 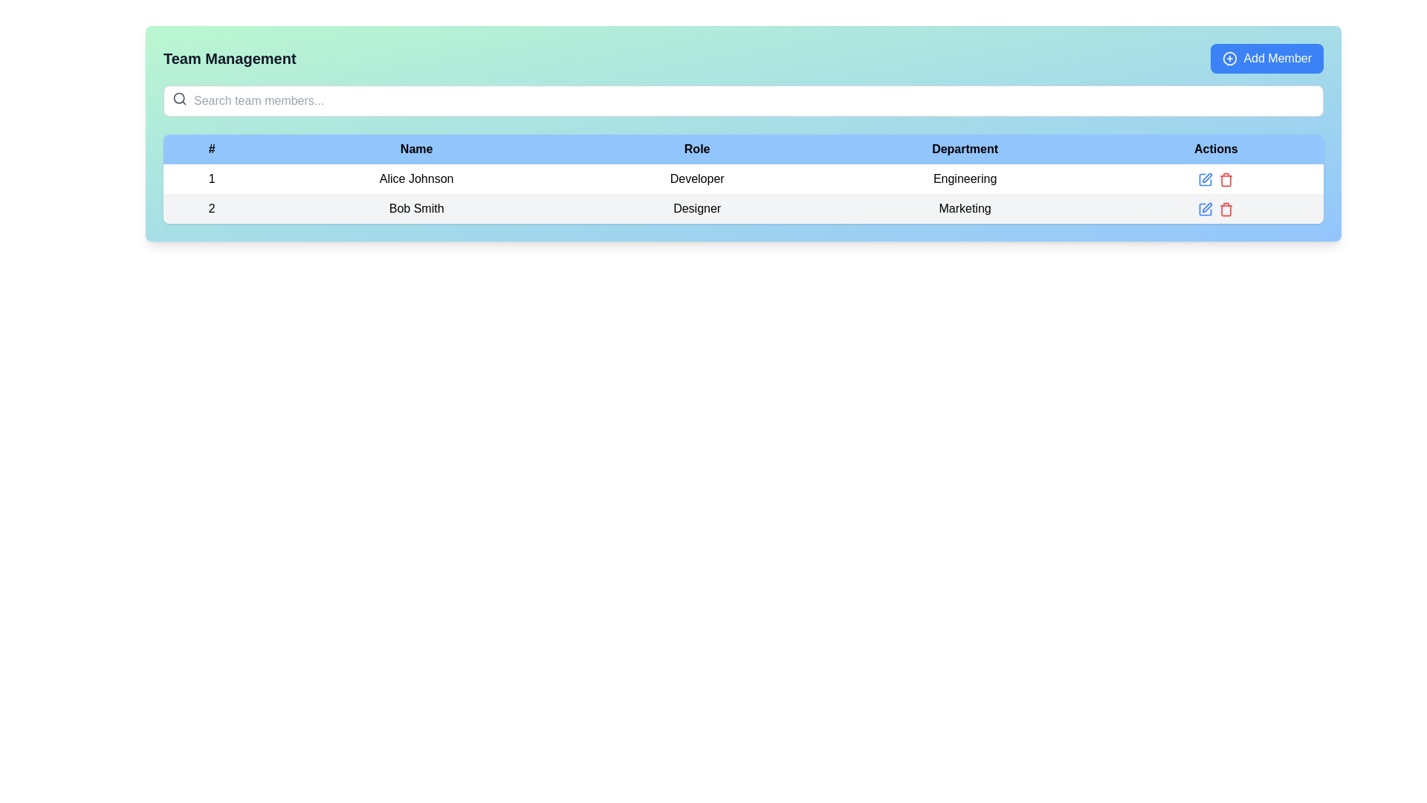 I want to click on the blue SVG circle element inside the 'Add Member' button located in the top-right corner of the interface, so click(x=1230, y=57).